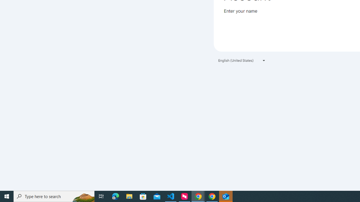  I want to click on 'English (United States)', so click(242, 60).